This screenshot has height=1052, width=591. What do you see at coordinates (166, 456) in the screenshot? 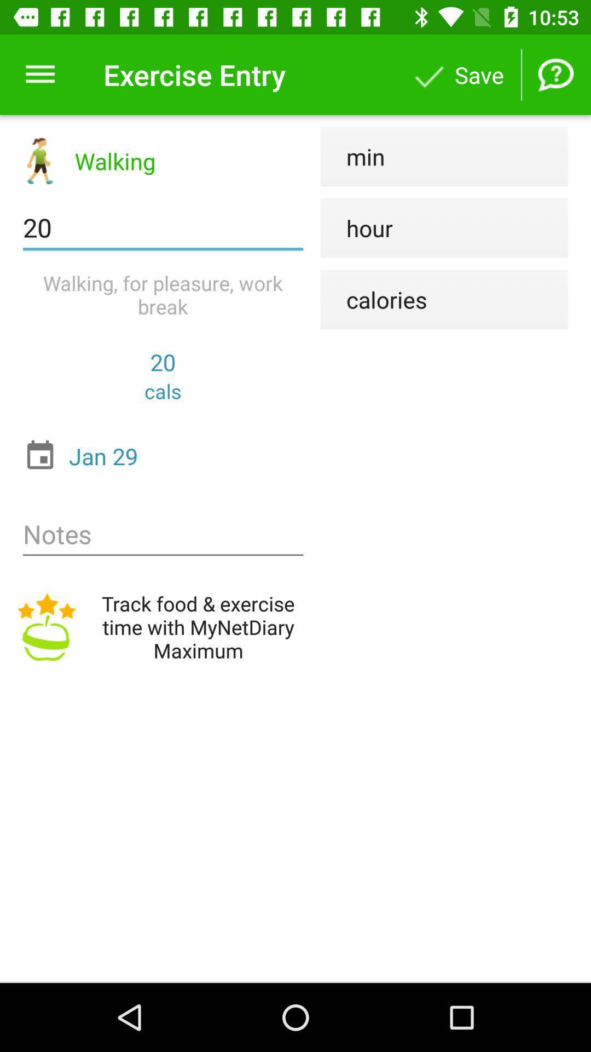
I see `the jan 29 item` at bounding box center [166, 456].